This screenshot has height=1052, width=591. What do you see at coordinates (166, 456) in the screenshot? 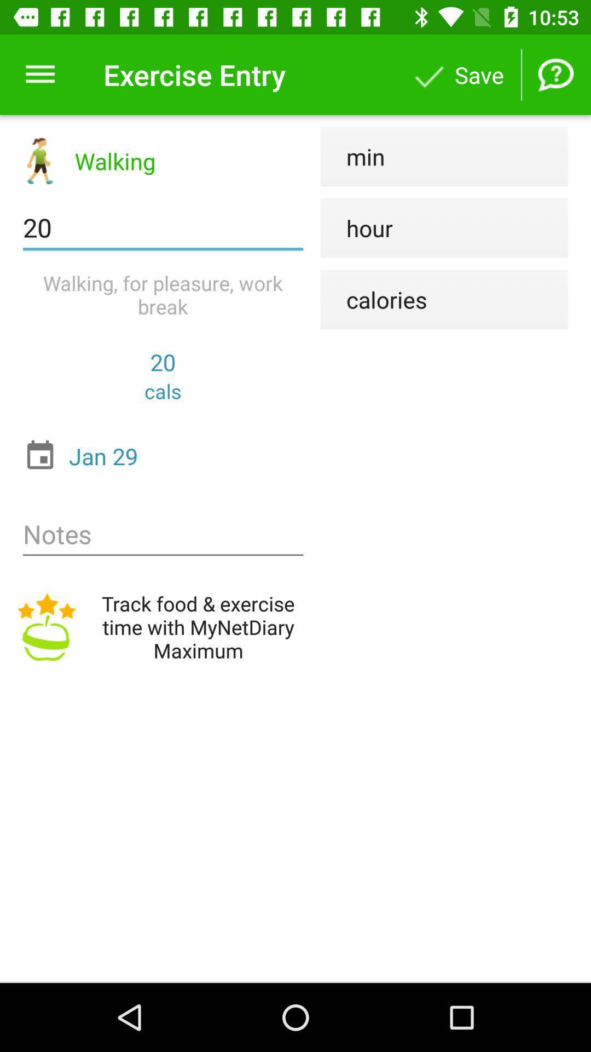
I see `the jan 29 item` at bounding box center [166, 456].